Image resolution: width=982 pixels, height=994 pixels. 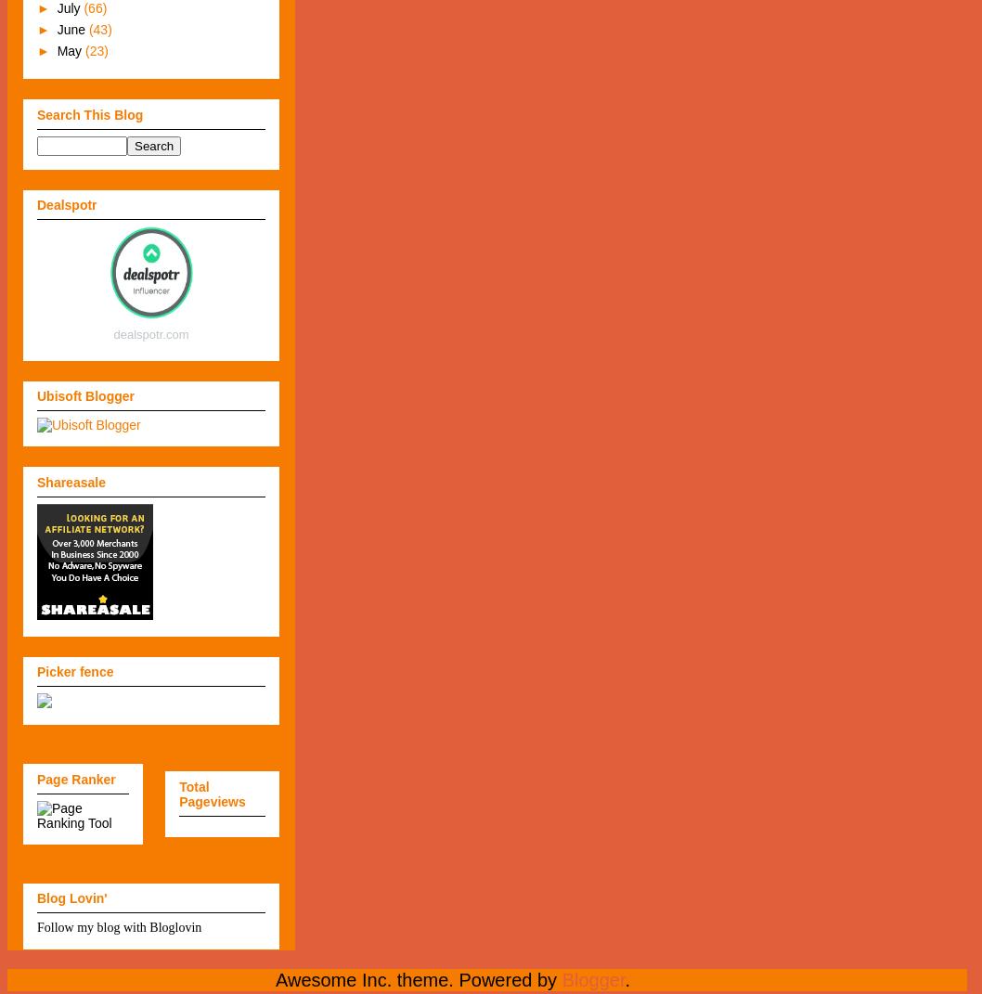 I want to click on 'June', so click(x=71, y=29).